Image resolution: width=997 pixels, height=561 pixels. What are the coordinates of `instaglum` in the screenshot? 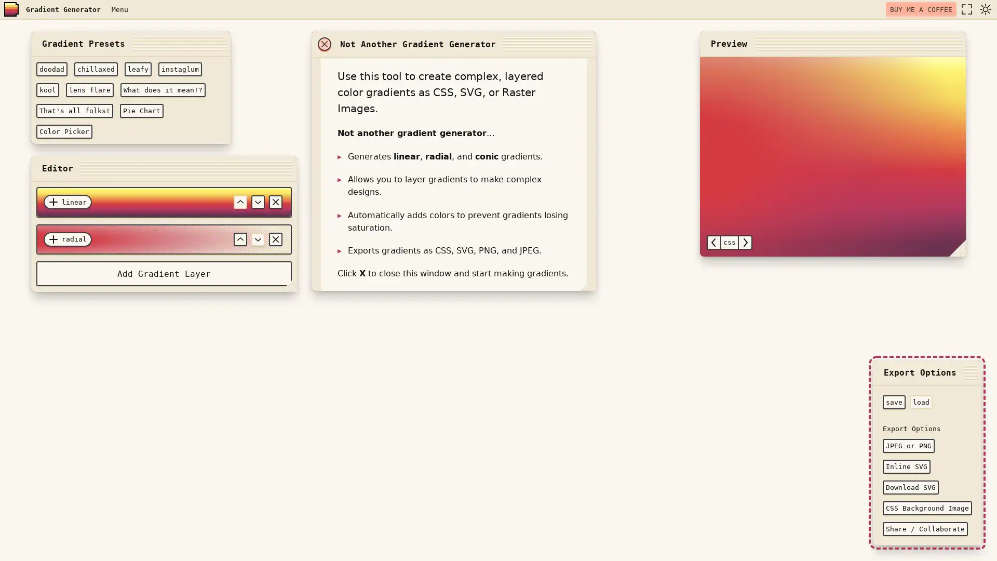 It's located at (179, 69).